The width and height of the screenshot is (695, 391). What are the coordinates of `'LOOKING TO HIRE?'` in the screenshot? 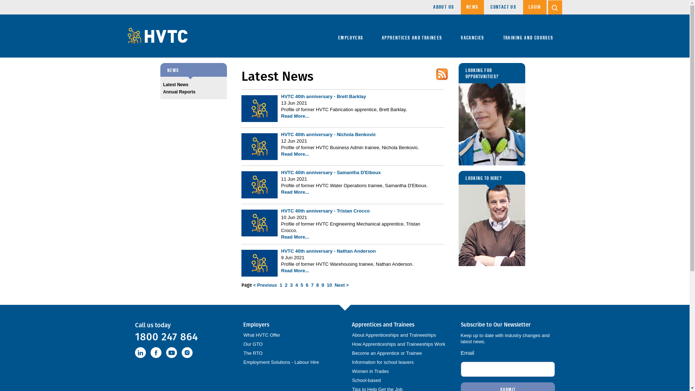 It's located at (492, 218).